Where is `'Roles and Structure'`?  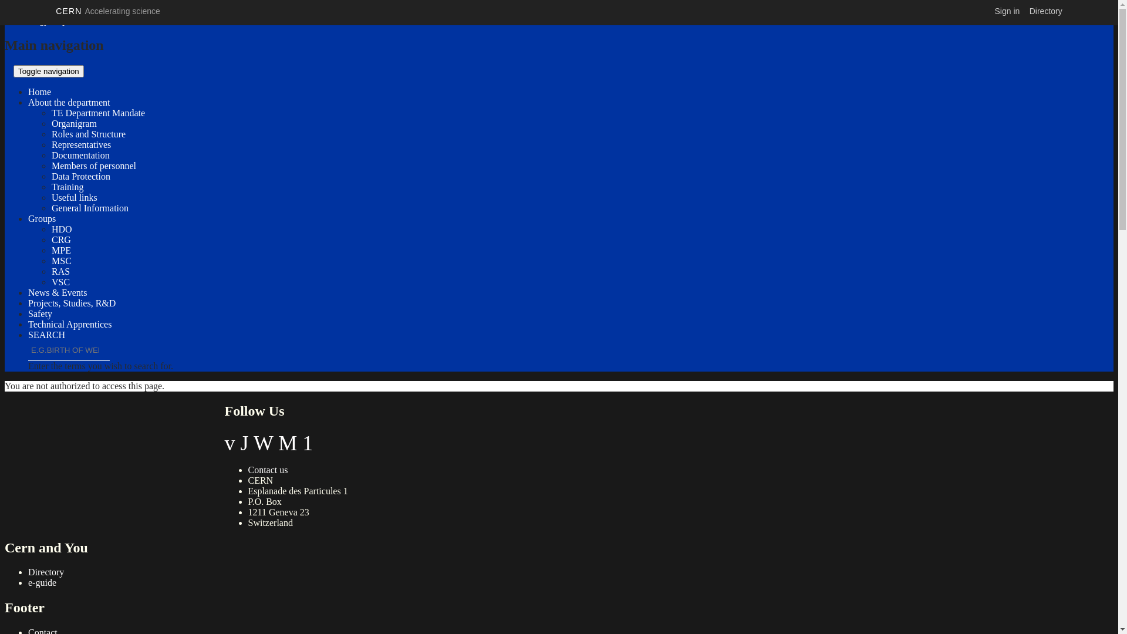
'Roles and Structure' is located at coordinates (87, 133).